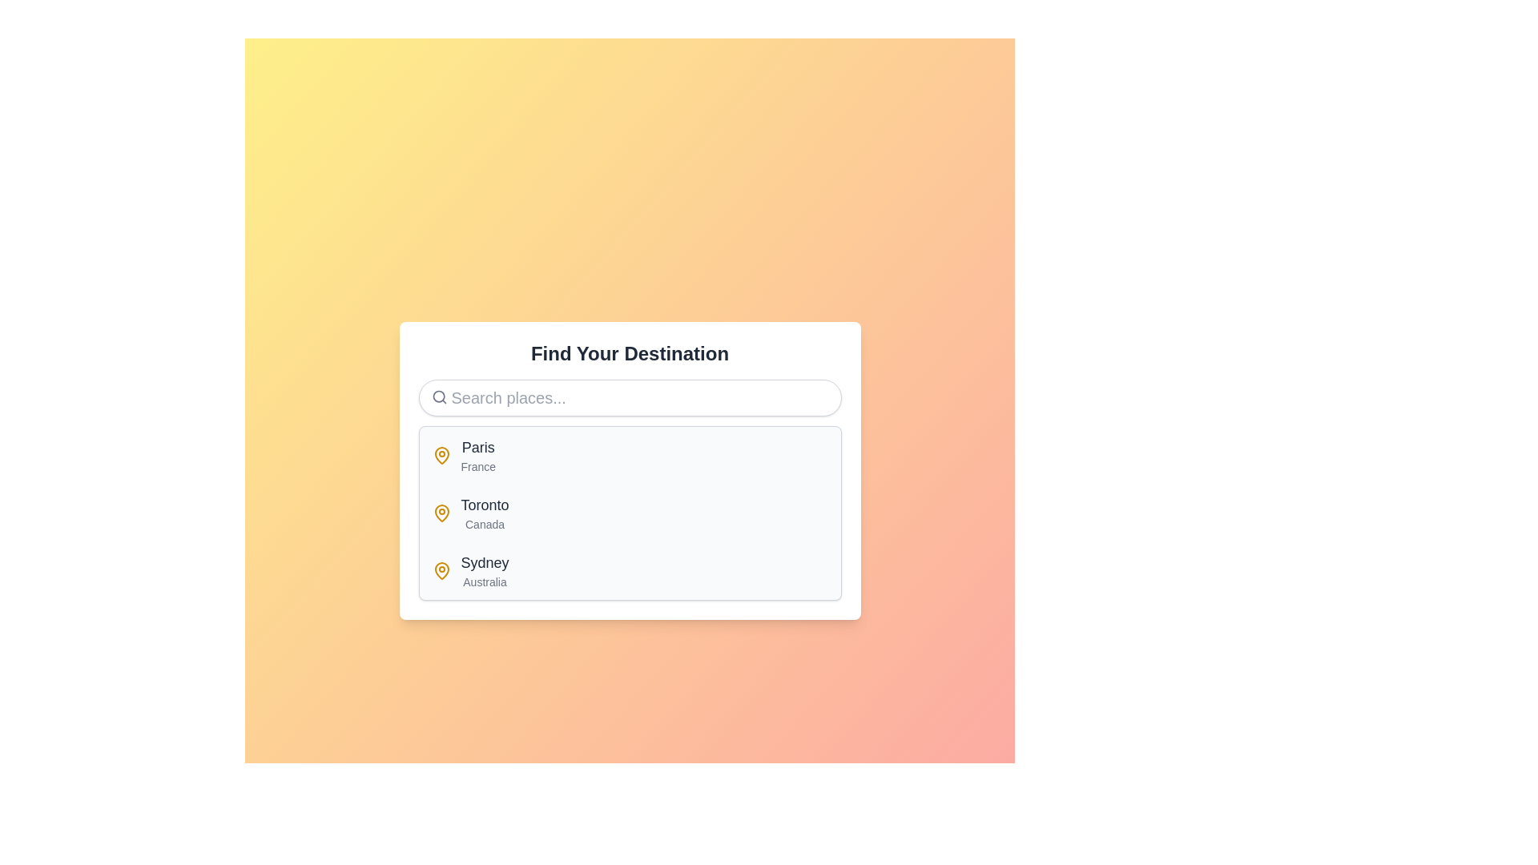 The height and width of the screenshot is (865, 1538). I want to click on the second text block in the list of city-country pairs, which is located below 'Paris, France' and above 'Sydney, Australia', so click(484, 513).